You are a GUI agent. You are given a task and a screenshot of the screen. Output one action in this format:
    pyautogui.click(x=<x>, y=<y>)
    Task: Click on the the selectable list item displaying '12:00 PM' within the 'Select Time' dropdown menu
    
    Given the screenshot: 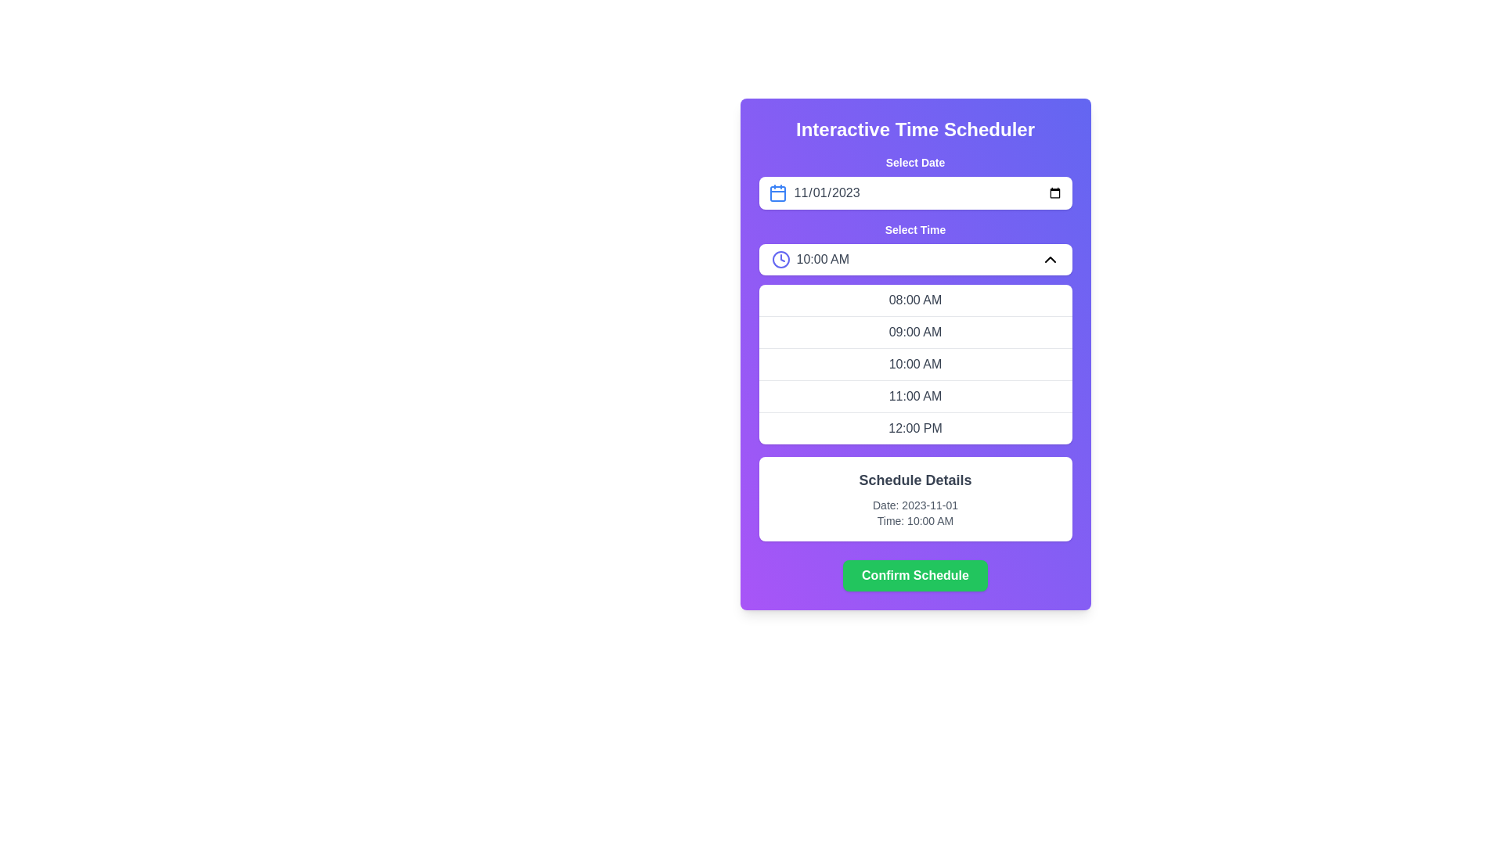 What is the action you would take?
    pyautogui.click(x=915, y=428)
    